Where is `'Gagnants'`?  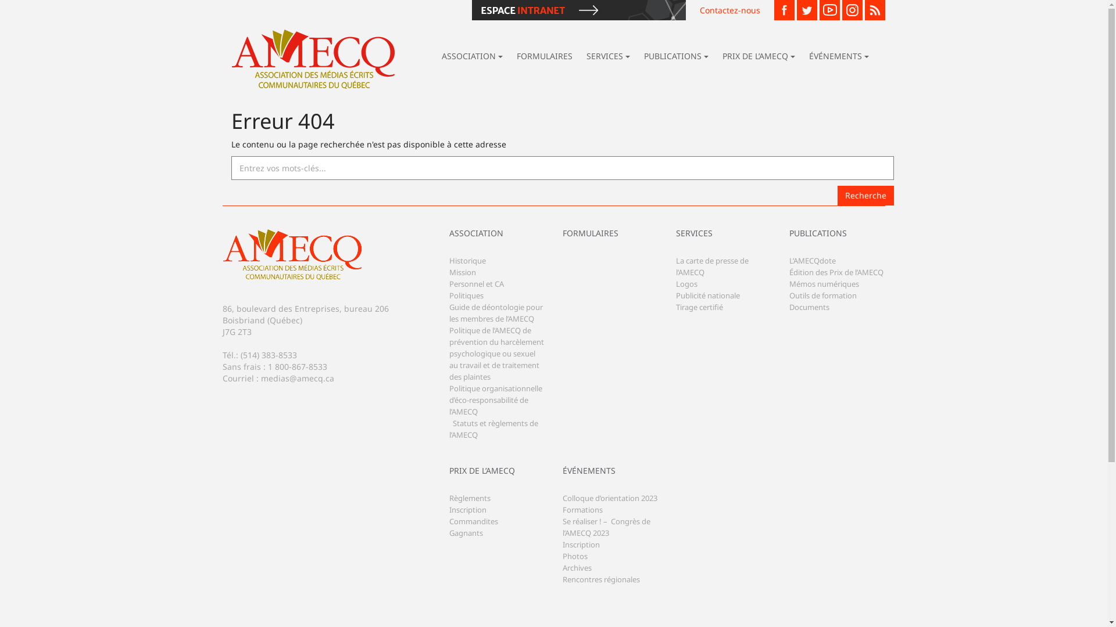 'Gagnants' is located at coordinates (466, 542).